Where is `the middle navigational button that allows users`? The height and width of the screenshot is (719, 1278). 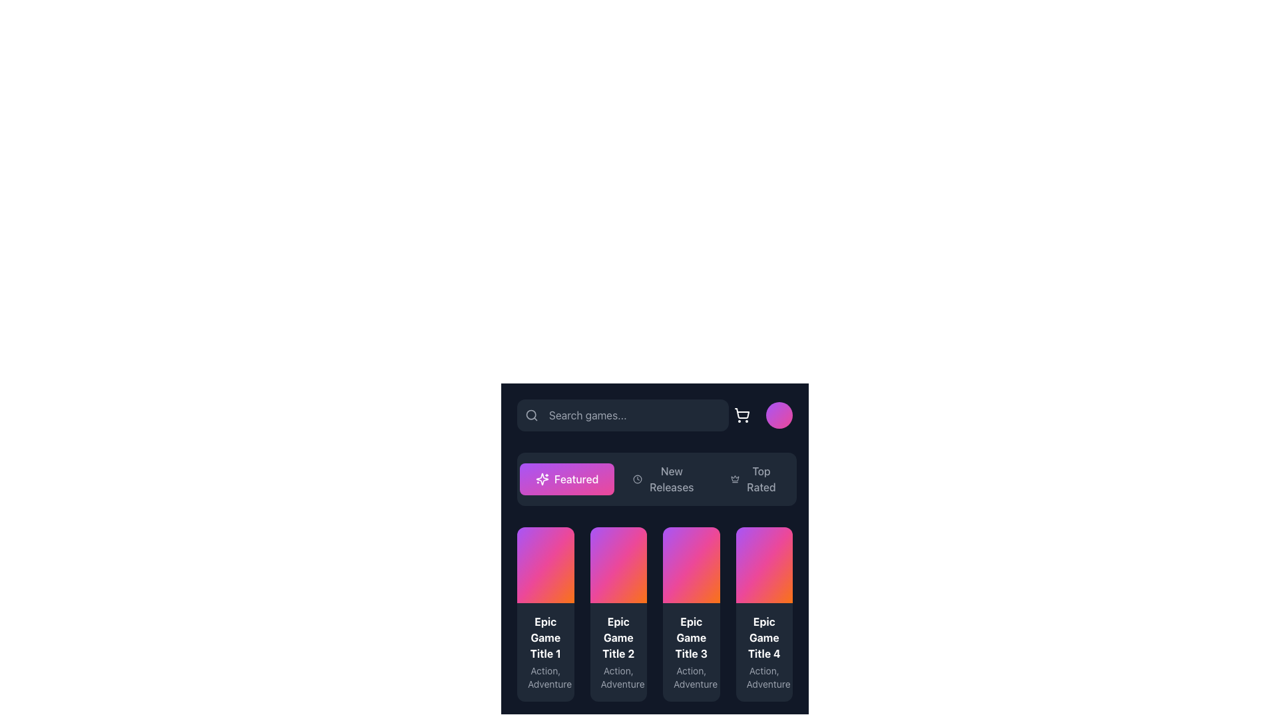 the middle navigational button that allows users is located at coordinates (664, 479).